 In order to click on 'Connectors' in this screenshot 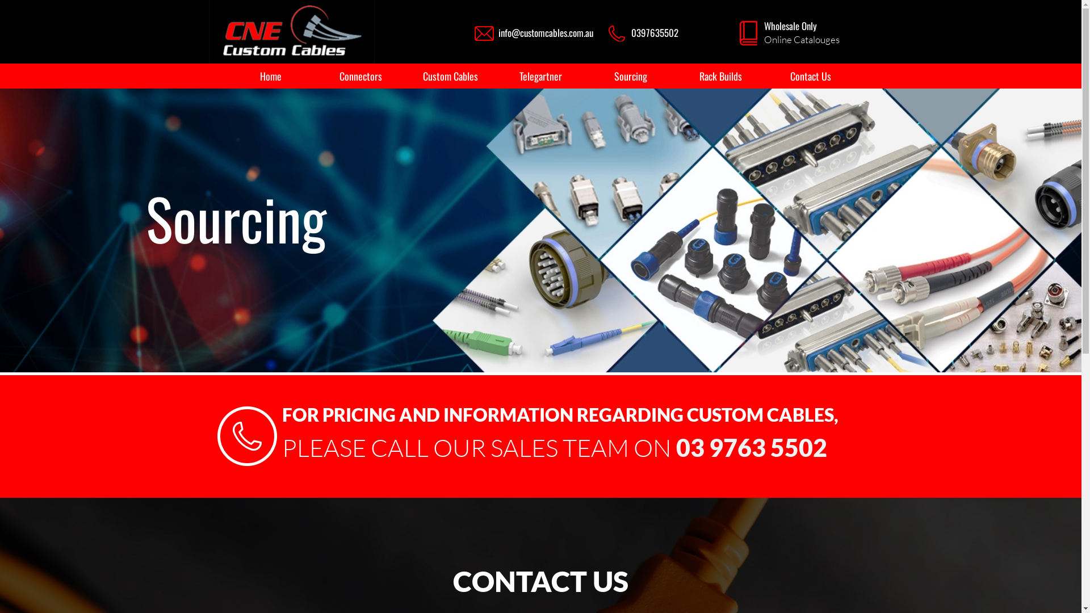, I will do `click(360, 76)`.